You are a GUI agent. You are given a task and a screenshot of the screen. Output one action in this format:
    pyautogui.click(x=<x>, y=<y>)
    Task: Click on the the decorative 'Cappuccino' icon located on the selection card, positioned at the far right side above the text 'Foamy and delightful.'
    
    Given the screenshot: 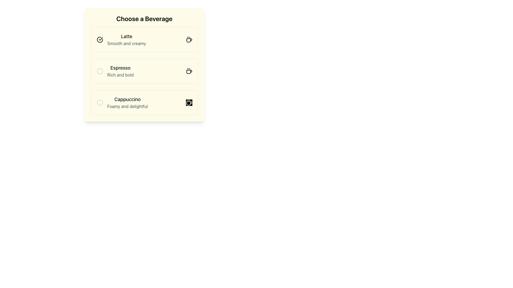 What is the action you would take?
    pyautogui.click(x=189, y=103)
    